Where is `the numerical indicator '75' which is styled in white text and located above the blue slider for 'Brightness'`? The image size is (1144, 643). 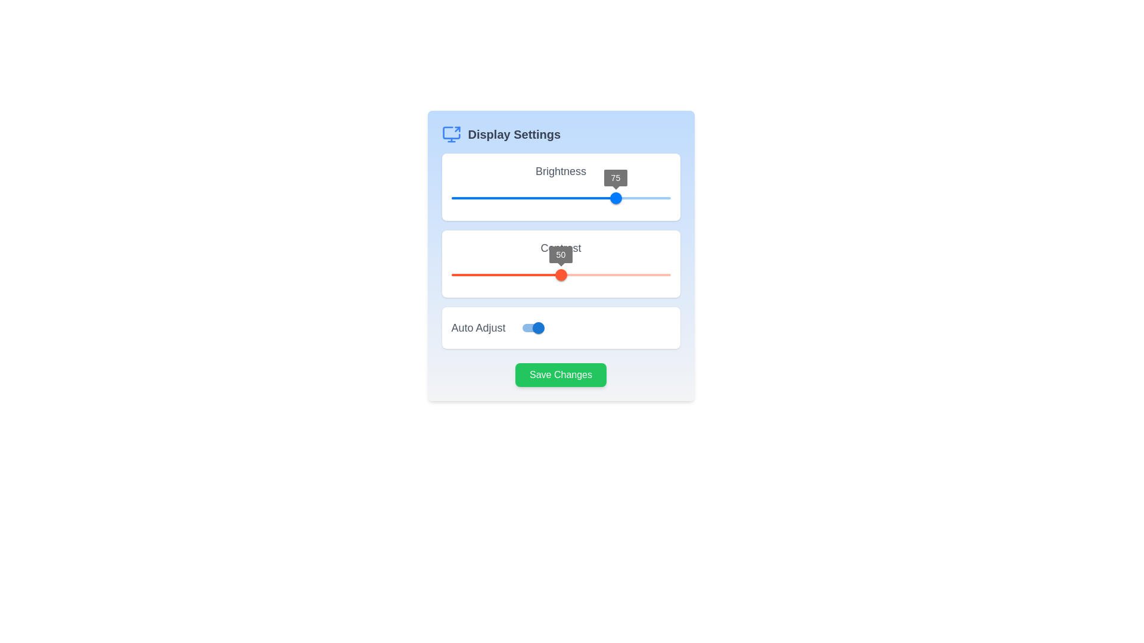
the numerical indicator '75' which is styled in white text and located above the blue slider for 'Brightness' is located at coordinates (615, 177).